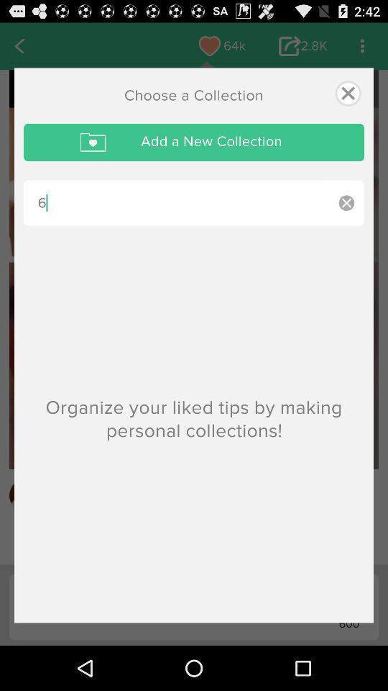 This screenshot has width=388, height=691. What do you see at coordinates (176, 202) in the screenshot?
I see `the item below add a new icon` at bounding box center [176, 202].